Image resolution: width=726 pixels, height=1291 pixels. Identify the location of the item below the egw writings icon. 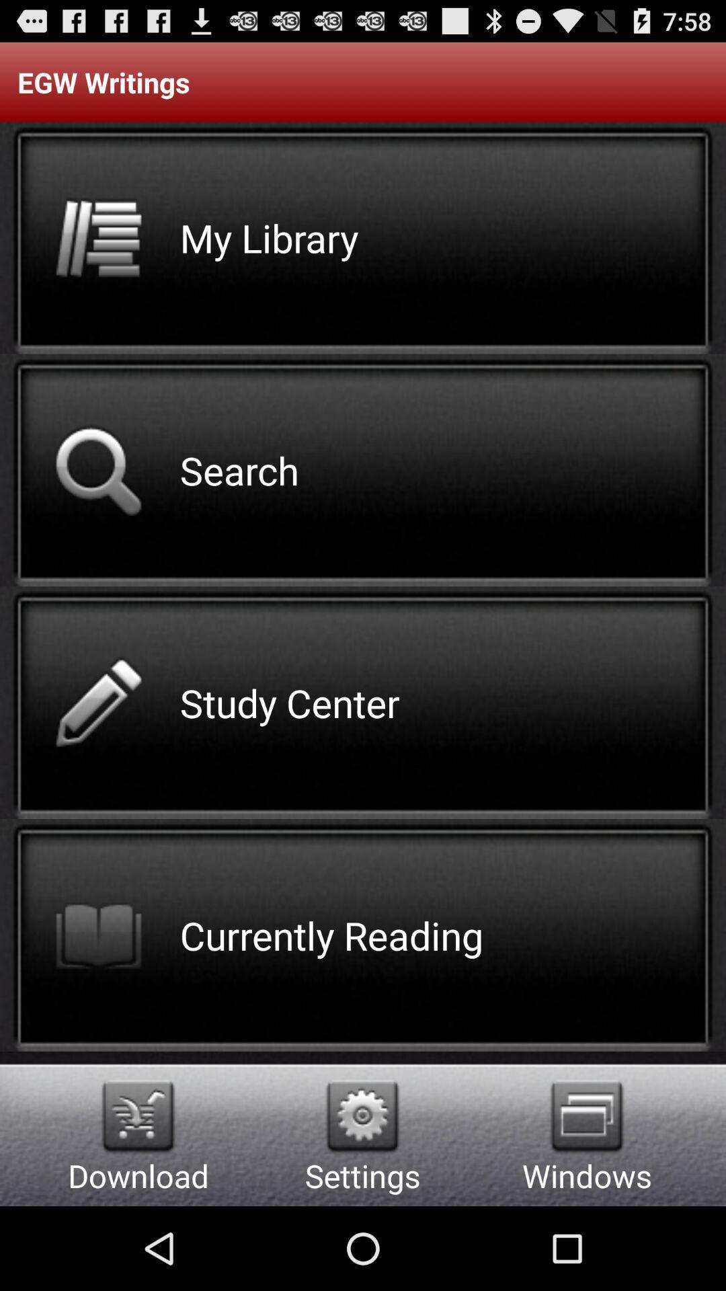
(586, 1116).